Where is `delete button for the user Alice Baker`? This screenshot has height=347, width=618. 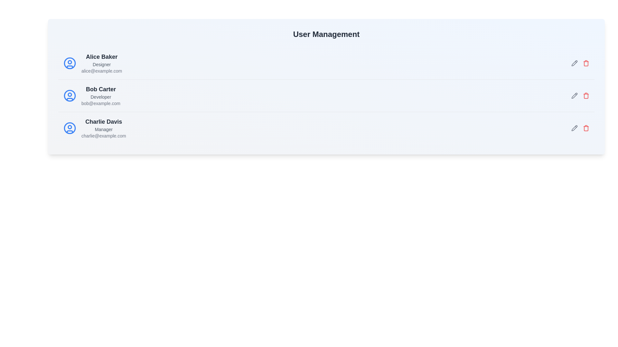 delete button for the user Alice Baker is located at coordinates (586, 63).